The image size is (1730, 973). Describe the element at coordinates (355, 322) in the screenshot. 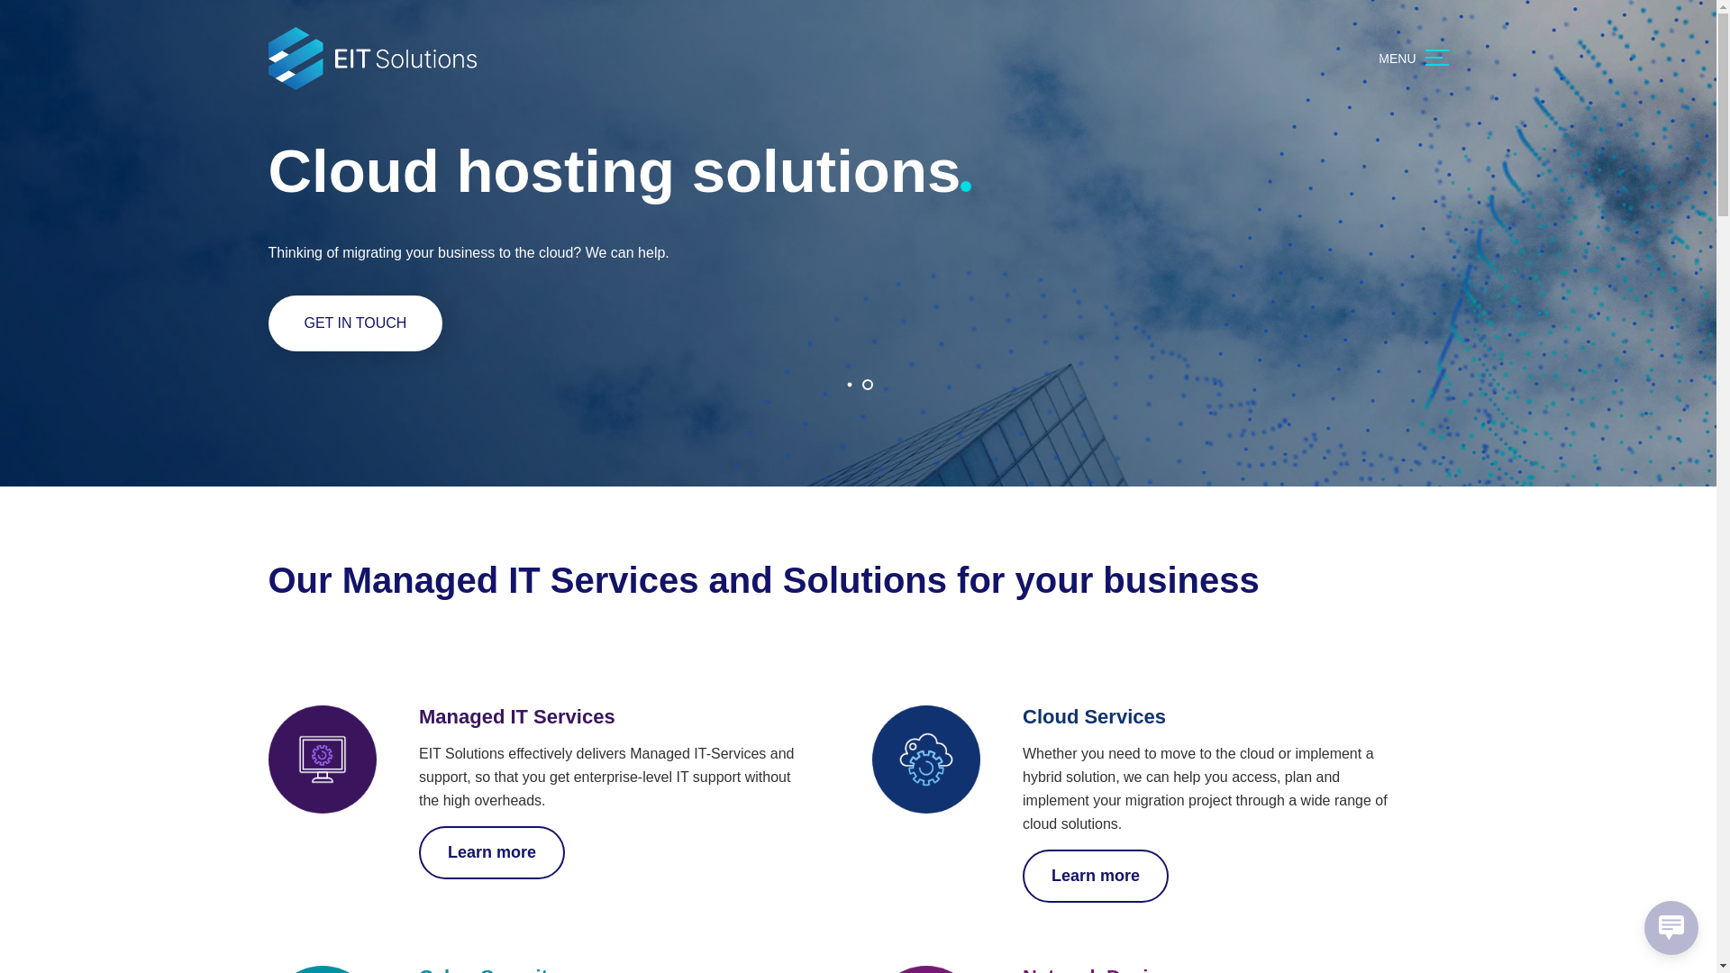

I see `'GET IN TOUCH'` at that location.